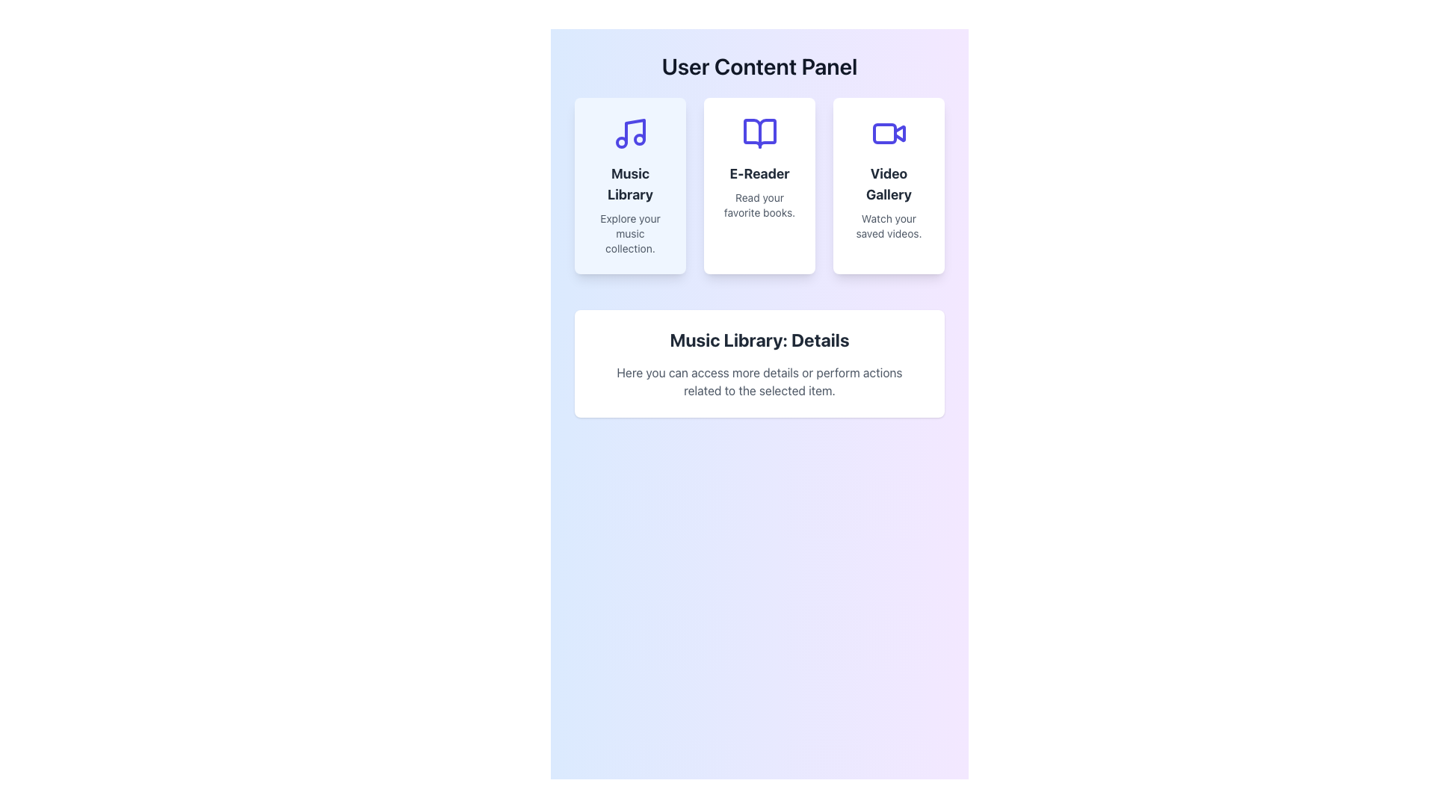 The width and height of the screenshot is (1435, 807). I want to click on the second selectable card related to E-Readers, which is positioned centrally in a grid layout between the 'Music Library' and 'Video Gallery' cards, so click(759, 185).